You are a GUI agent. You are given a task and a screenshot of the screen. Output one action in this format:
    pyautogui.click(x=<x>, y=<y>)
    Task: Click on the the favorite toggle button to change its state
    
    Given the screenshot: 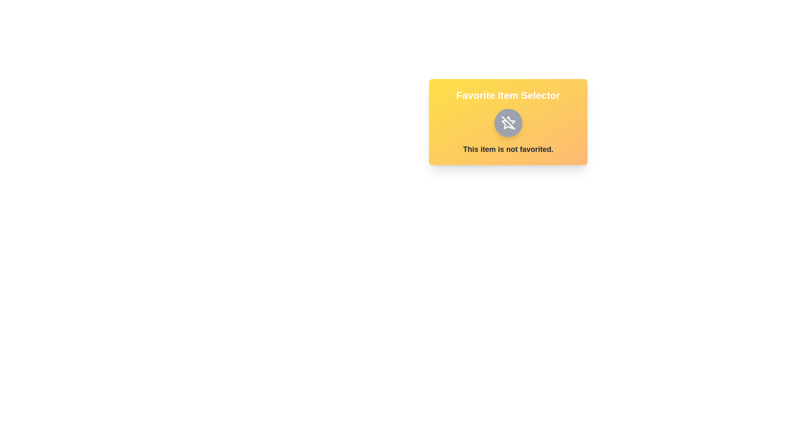 What is the action you would take?
    pyautogui.click(x=508, y=123)
    